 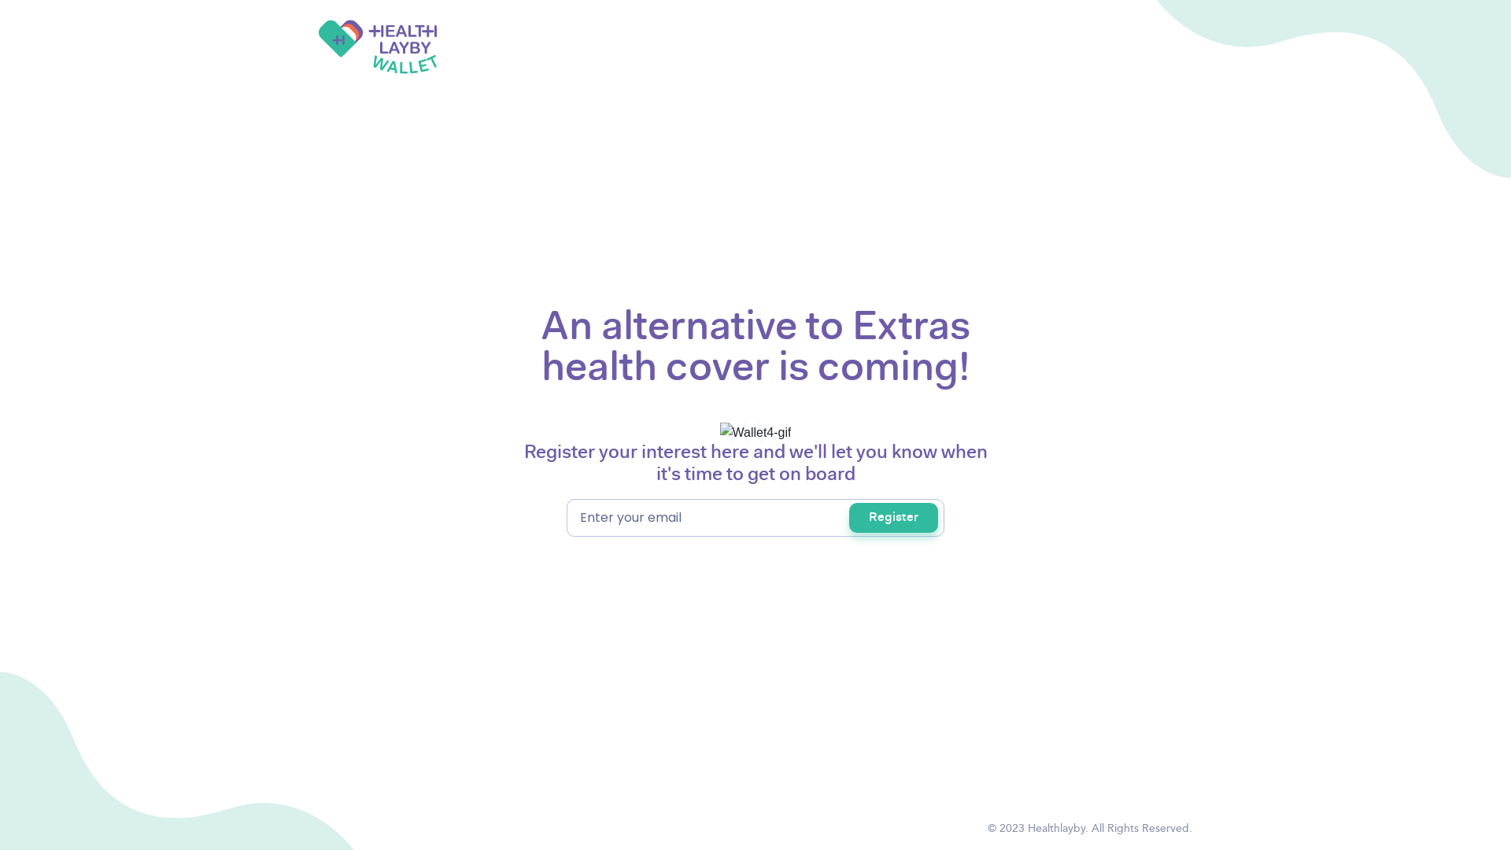 What do you see at coordinates (893, 518) in the screenshot?
I see `'Register'` at bounding box center [893, 518].